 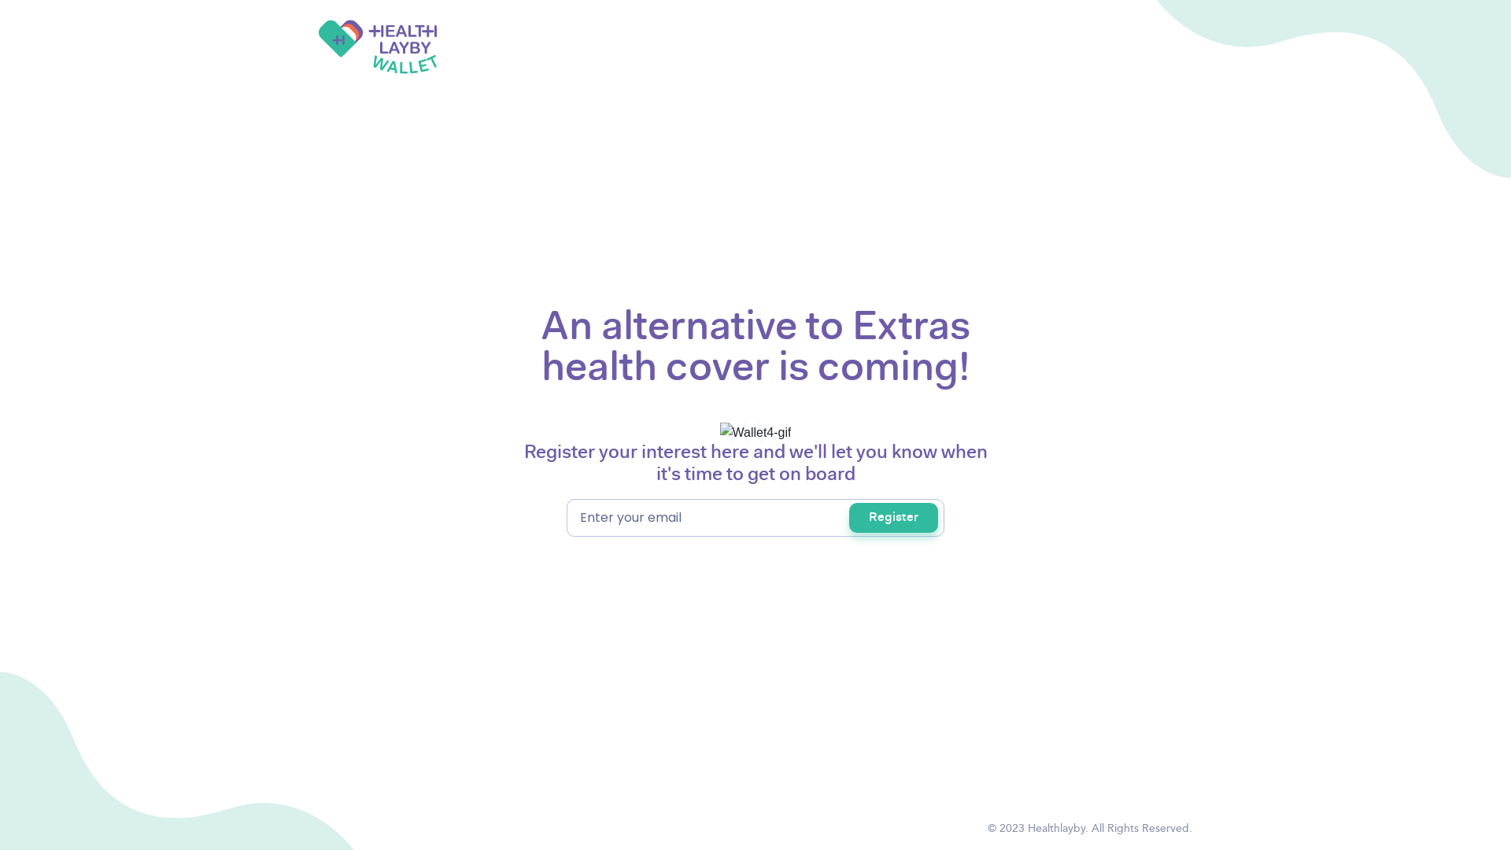 What do you see at coordinates (893, 518) in the screenshot?
I see `'Register'` at bounding box center [893, 518].